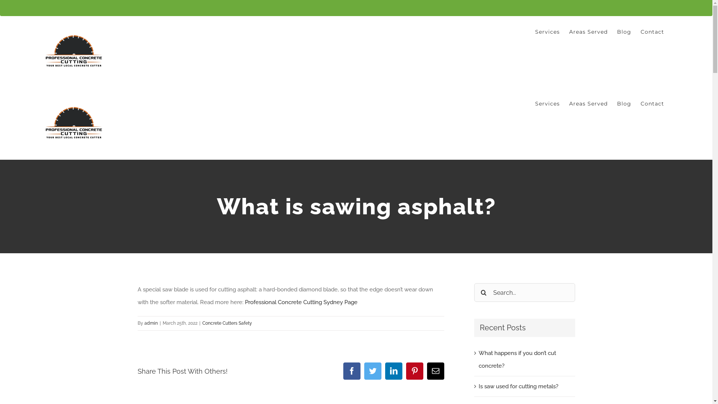 The height and width of the screenshot is (404, 718). I want to click on 'Areas Served', so click(568, 31).